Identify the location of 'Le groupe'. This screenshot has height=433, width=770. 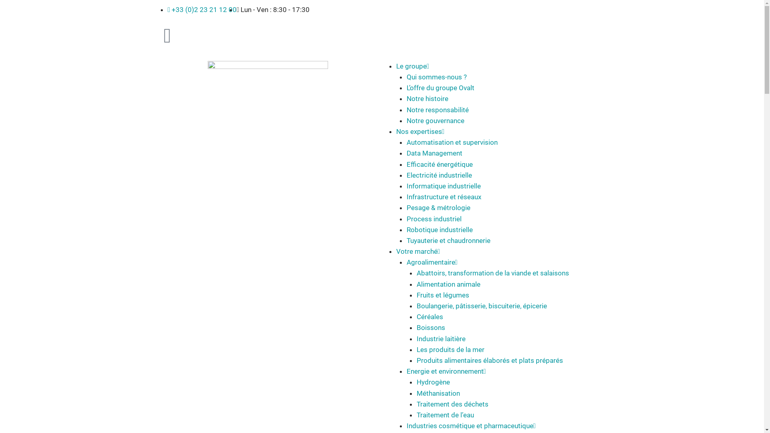
(411, 66).